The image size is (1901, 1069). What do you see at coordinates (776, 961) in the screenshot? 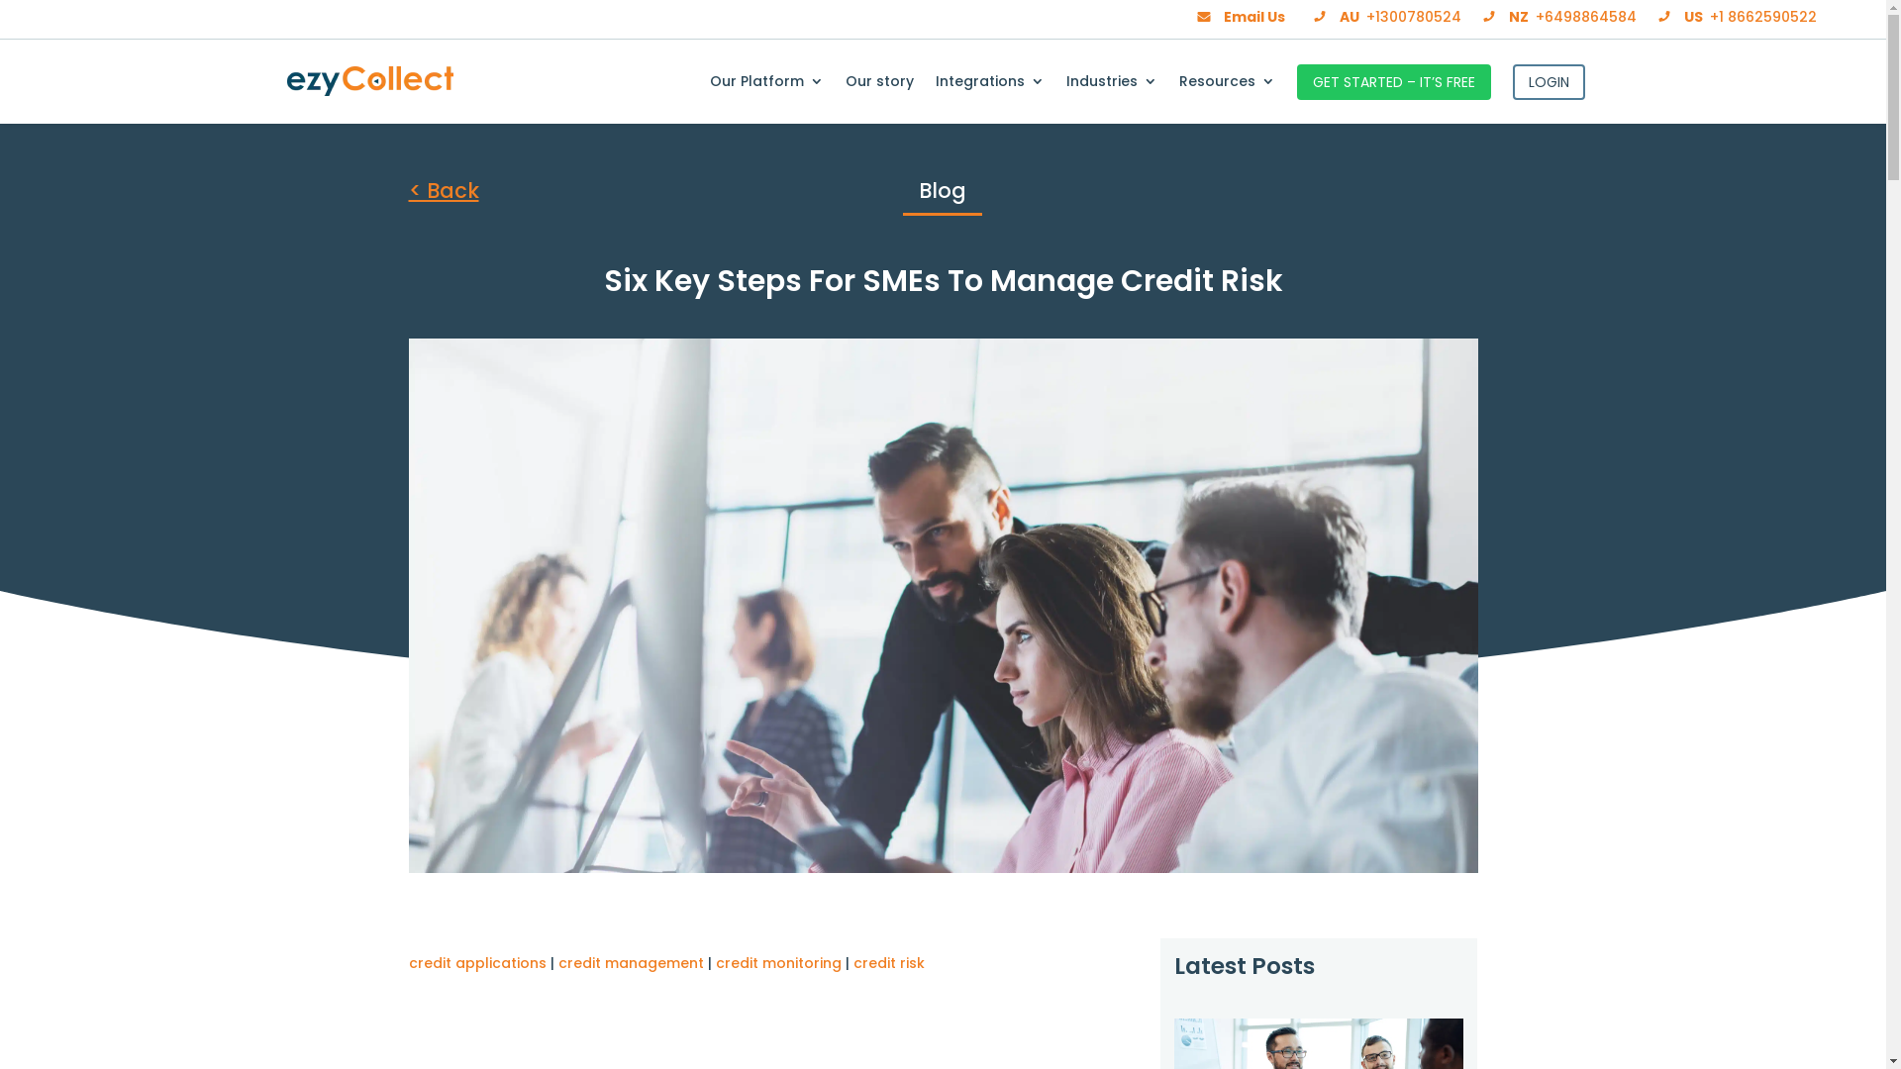
I see `'credit monitoring'` at bounding box center [776, 961].